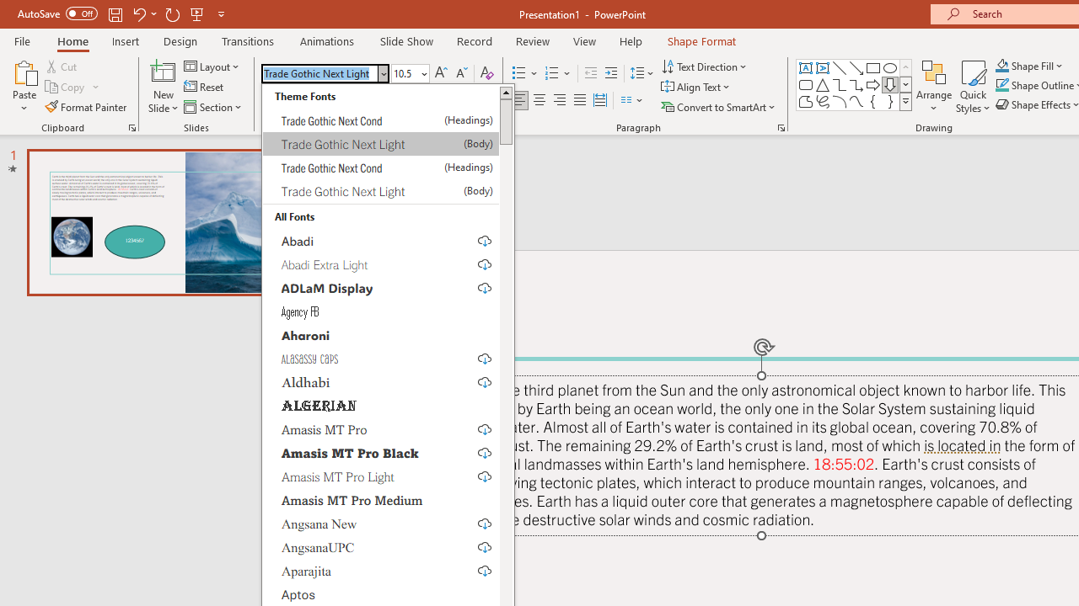 This screenshot has width=1079, height=606. Describe the element at coordinates (473, 100) in the screenshot. I see `'Font Color Red'` at that location.